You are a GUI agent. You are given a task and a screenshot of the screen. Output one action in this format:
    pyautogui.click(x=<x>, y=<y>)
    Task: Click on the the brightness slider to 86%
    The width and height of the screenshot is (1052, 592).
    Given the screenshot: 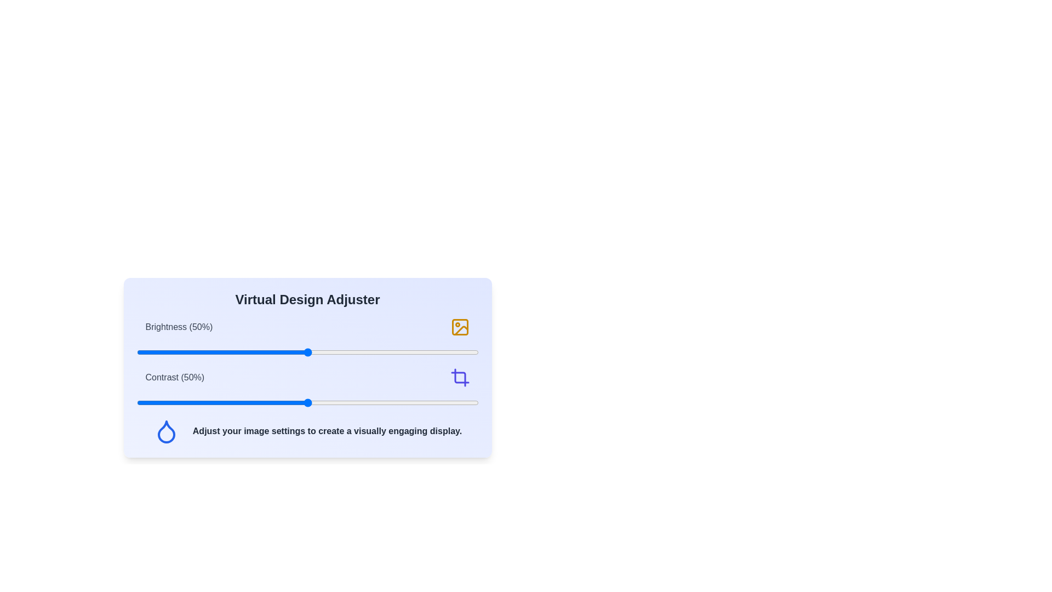 What is the action you would take?
    pyautogui.click(x=430, y=352)
    